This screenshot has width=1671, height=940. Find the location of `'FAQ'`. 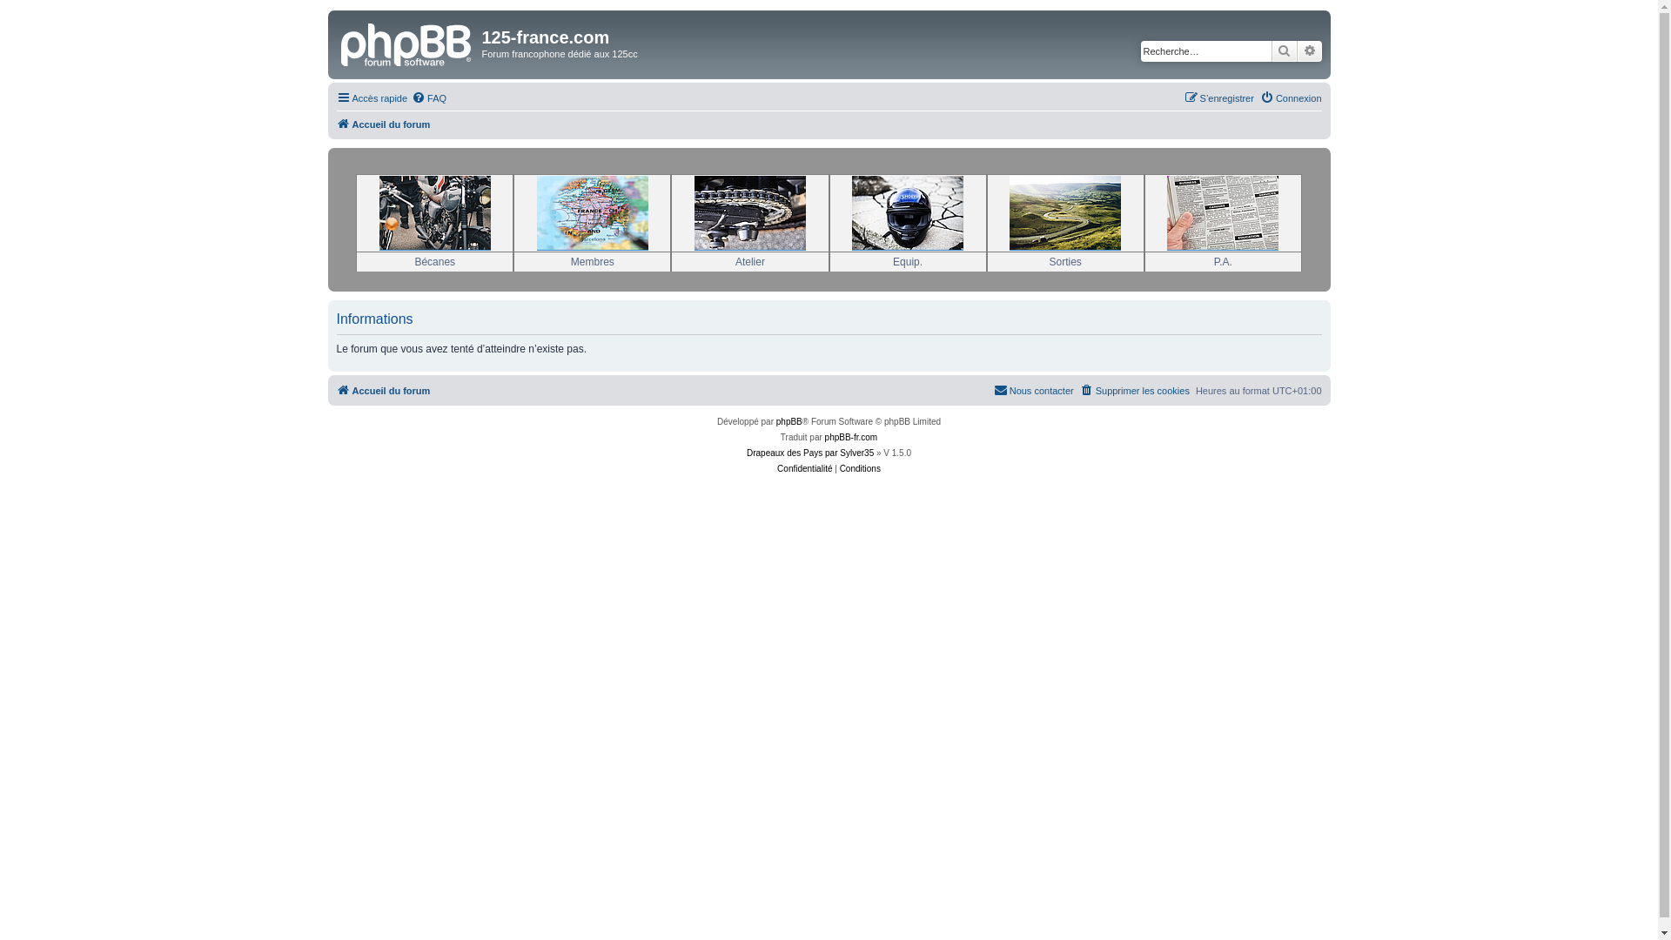

'FAQ' is located at coordinates (429, 97).